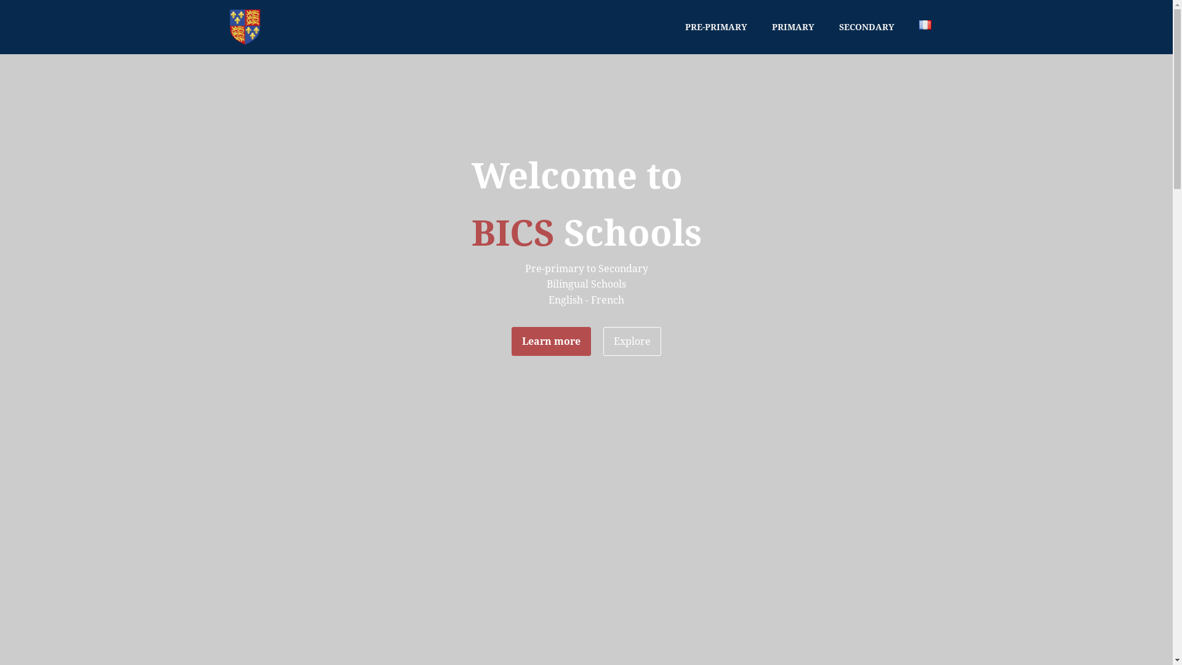  Describe the element at coordinates (826, 26) in the screenshot. I see `'SECONDARY'` at that location.